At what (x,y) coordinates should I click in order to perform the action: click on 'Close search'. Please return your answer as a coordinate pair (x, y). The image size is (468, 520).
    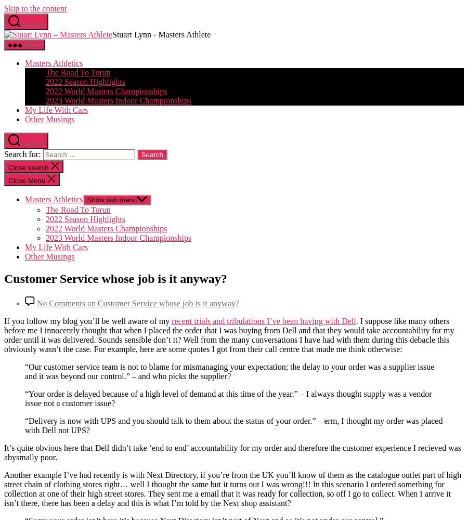
    Looking at the image, I should click on (8, 167).